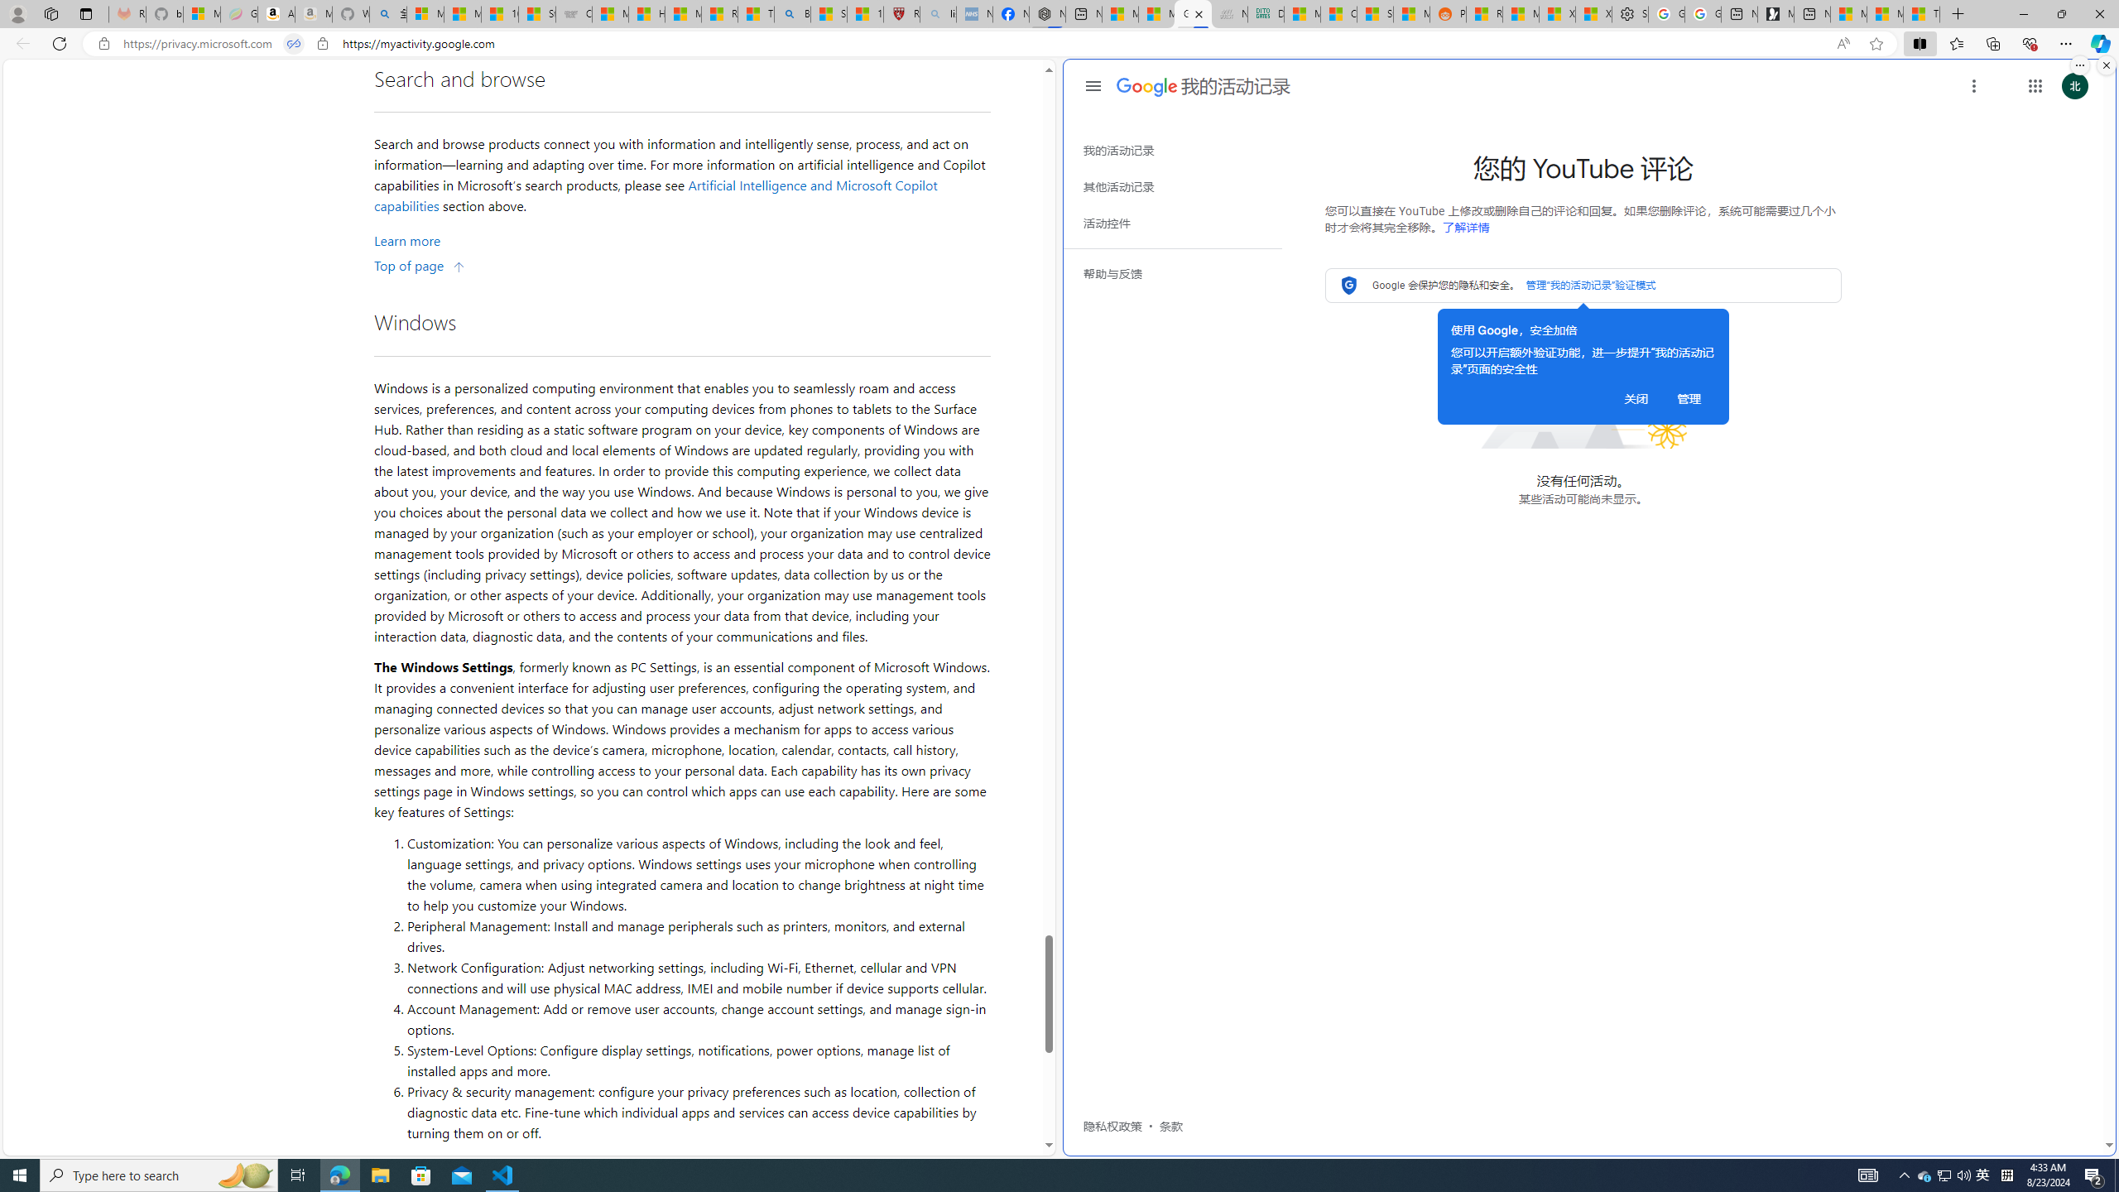 The width and height of the screenshot is (2119, 1192). What do you see at coordinates (1843, 44) in the screenshot?
I see `'Read aloud this page (Ctrl+Shift+U)'` at bounding box center [1843, 44].